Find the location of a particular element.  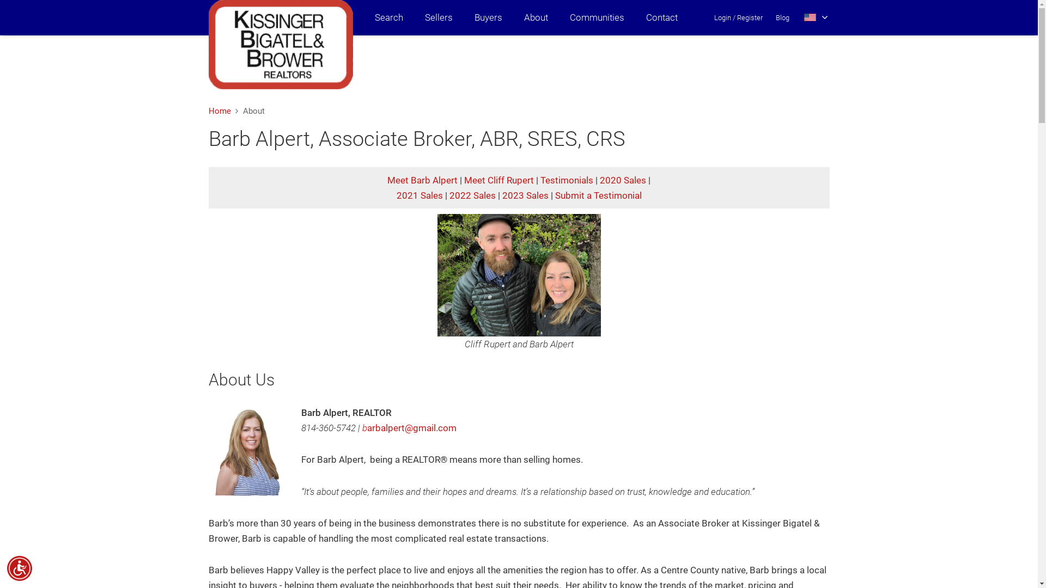

'Sellers' is located at coordinates (439, 17).